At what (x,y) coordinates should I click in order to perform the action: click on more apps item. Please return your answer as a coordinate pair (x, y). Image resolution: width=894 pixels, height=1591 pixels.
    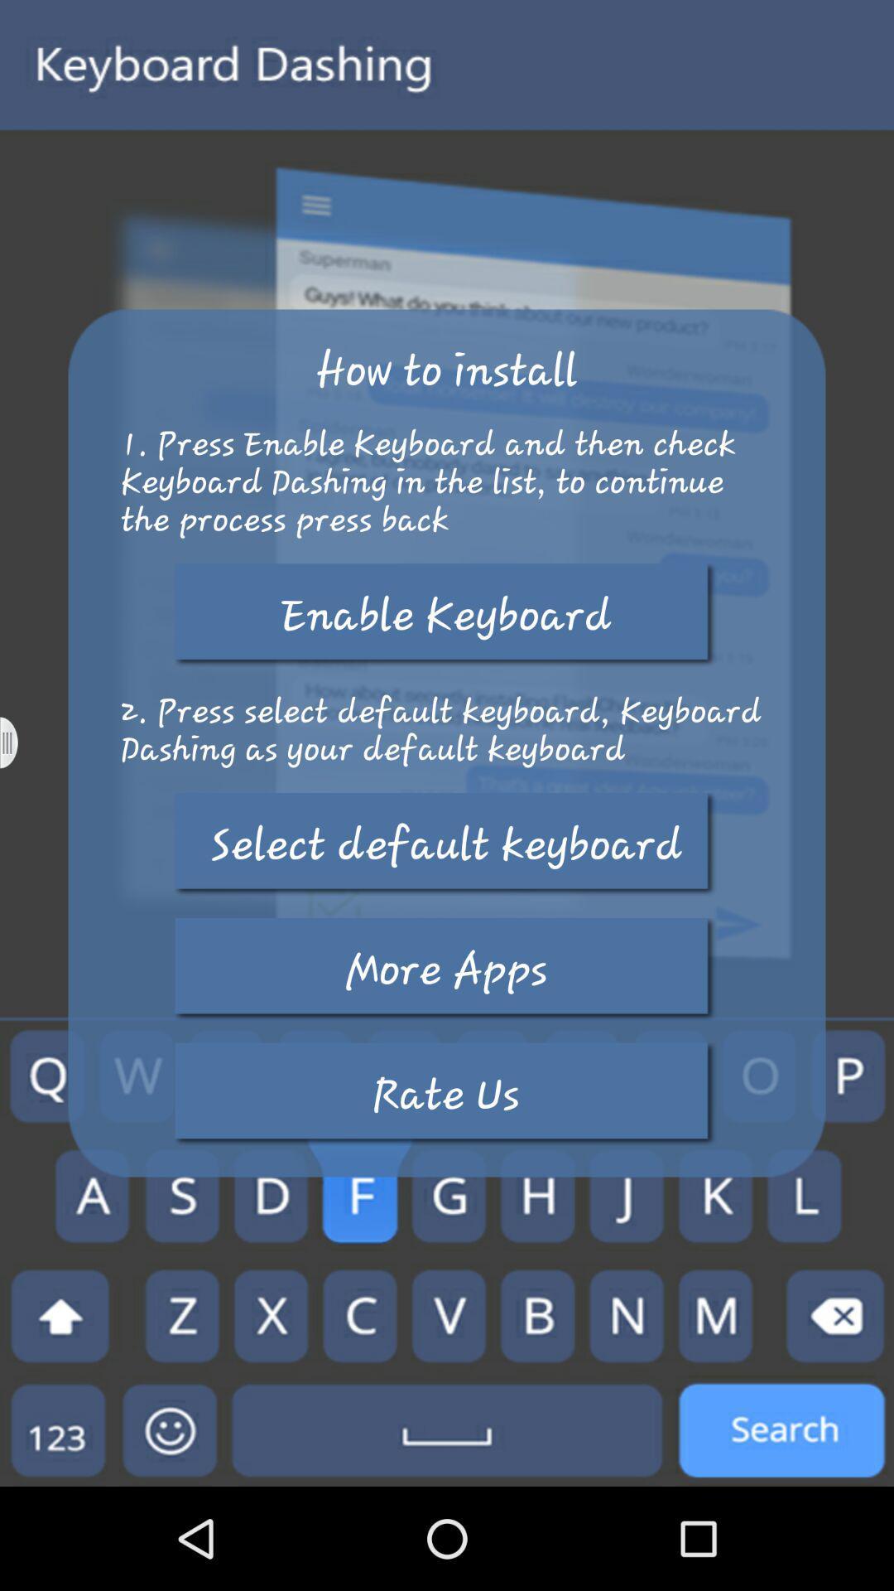
    Looking at the image, I should click on (445, 970).